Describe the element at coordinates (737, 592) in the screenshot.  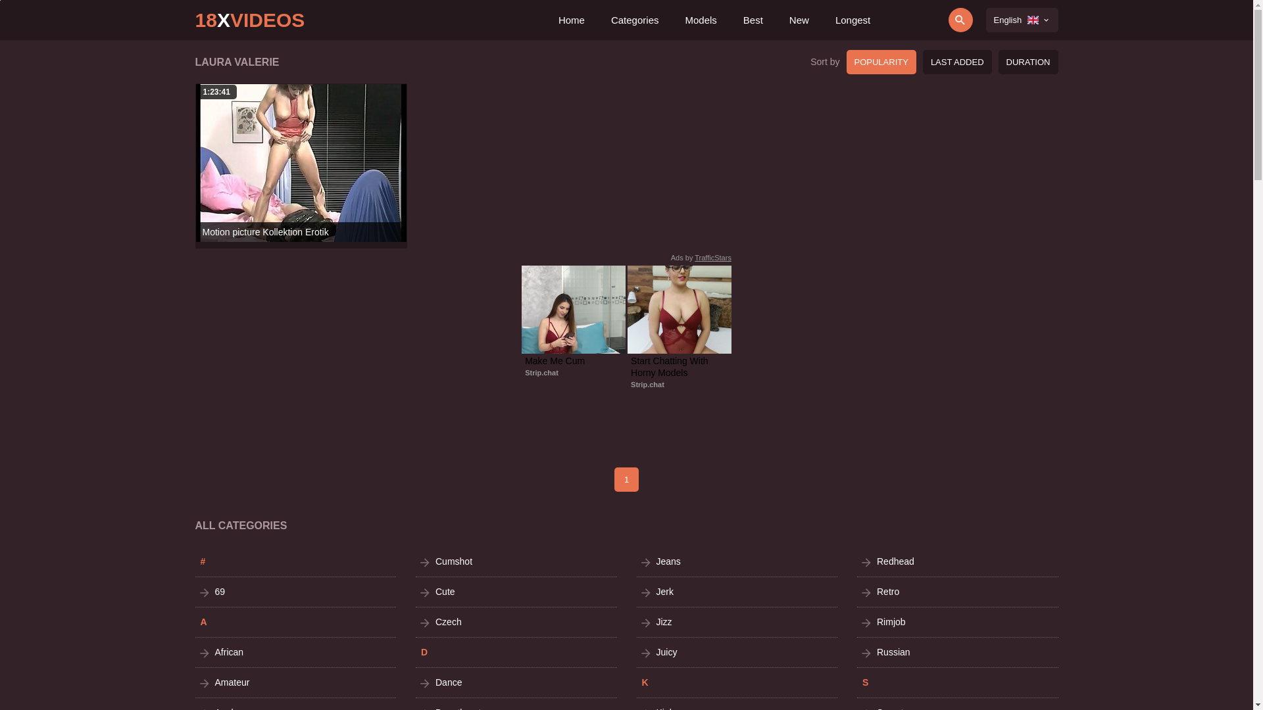
I see `'Jerk'` at that location.